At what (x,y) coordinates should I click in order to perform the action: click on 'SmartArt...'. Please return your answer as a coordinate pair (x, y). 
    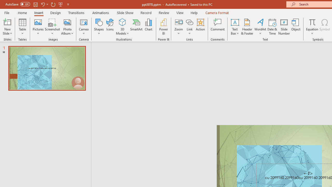
    Looking at the image, I should click on (136, 27).